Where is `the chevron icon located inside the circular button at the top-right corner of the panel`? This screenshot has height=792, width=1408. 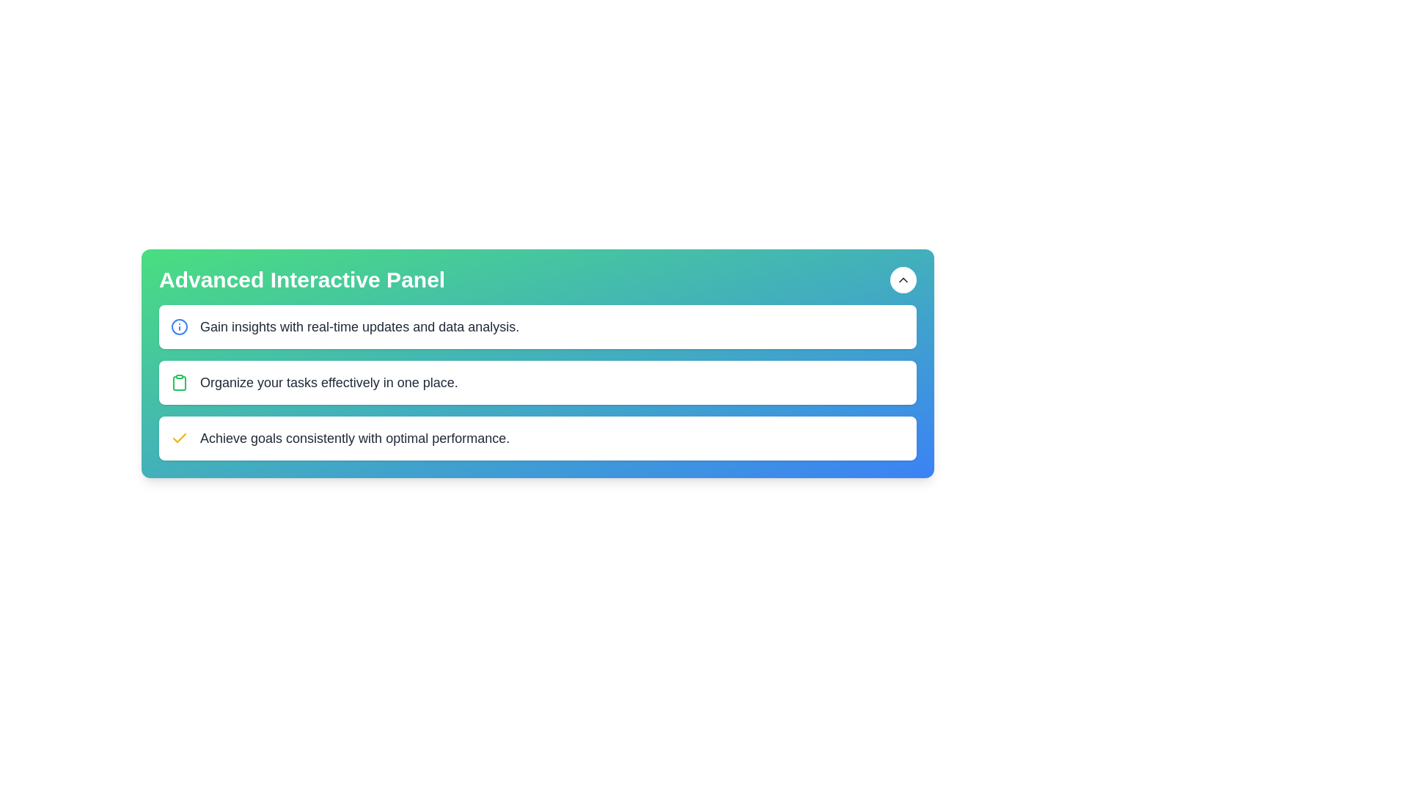
the chevron icon located inside the circular button at the top-right corner of the panel is located at coordinates (903, 279).